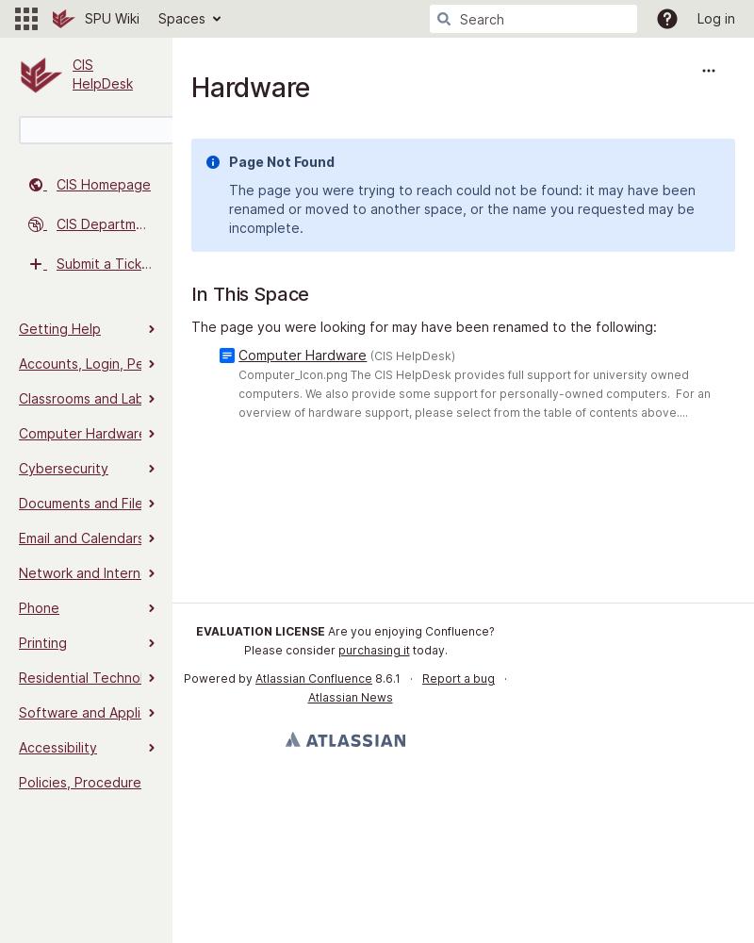 The height and width of the screenshot is (943, 754). What do you see at coordinates (249, 294) in the screenshot?
I see `'In This Space'` at bounding box center [249, 294].